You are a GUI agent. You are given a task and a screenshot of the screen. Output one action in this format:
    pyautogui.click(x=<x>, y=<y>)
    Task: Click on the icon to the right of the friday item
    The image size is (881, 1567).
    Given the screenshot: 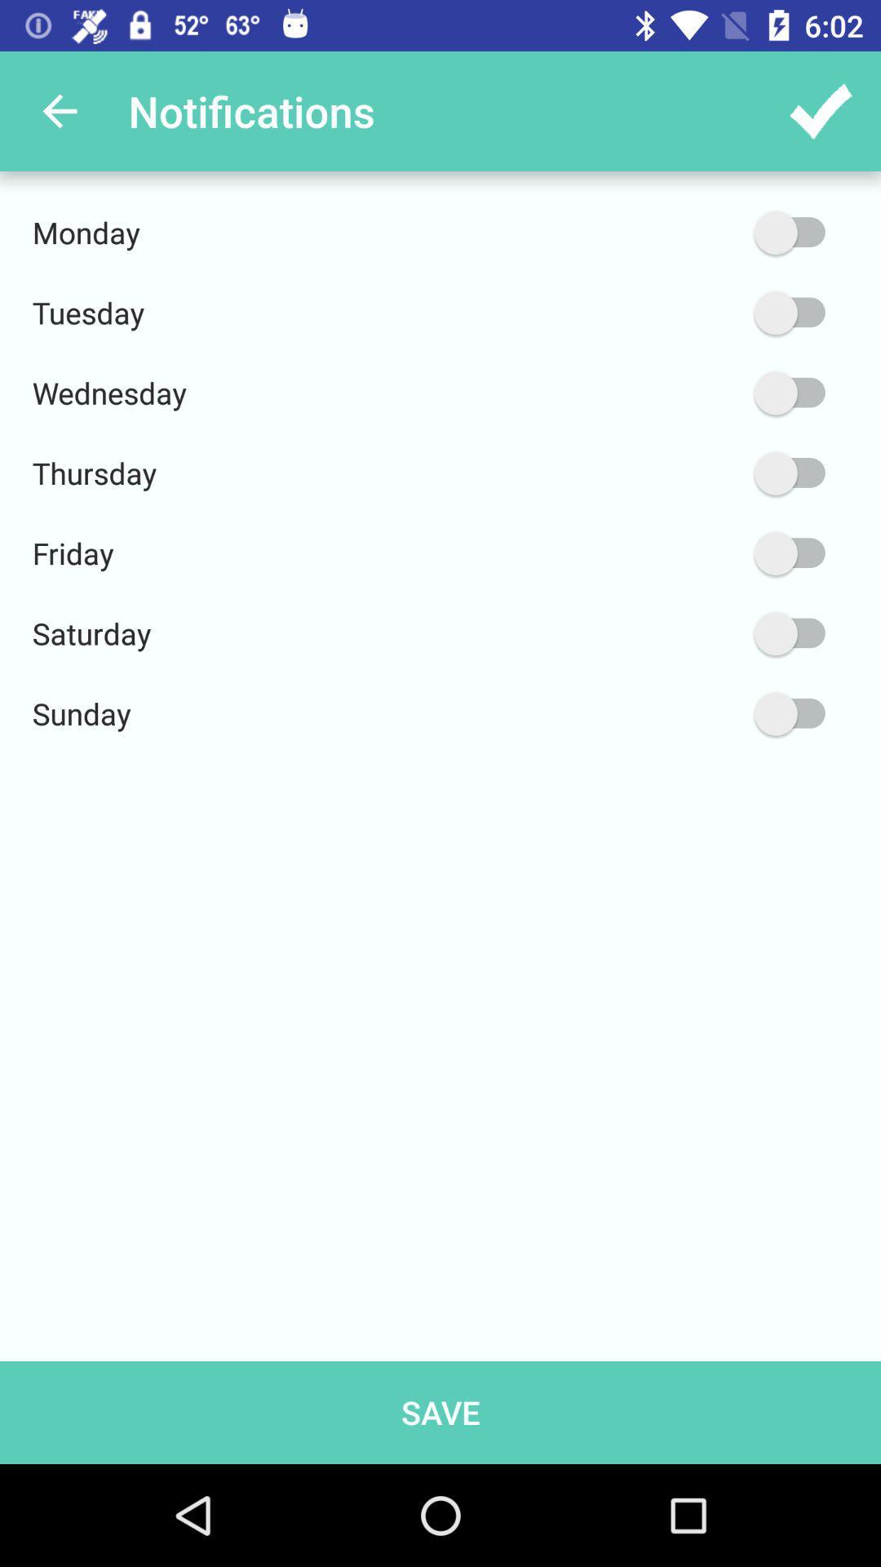 What is the action you would take?
    pyautogui.click(x=711, y=553)
    